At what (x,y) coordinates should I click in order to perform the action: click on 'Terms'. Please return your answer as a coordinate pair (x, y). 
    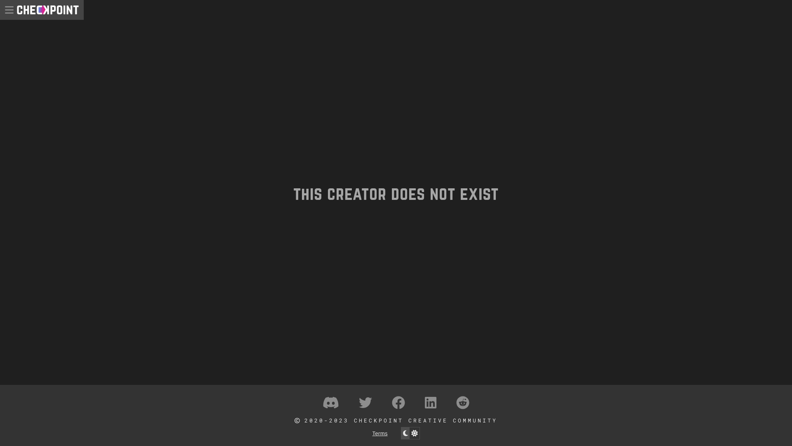
    Looking at the image, I should click on (372, 433).